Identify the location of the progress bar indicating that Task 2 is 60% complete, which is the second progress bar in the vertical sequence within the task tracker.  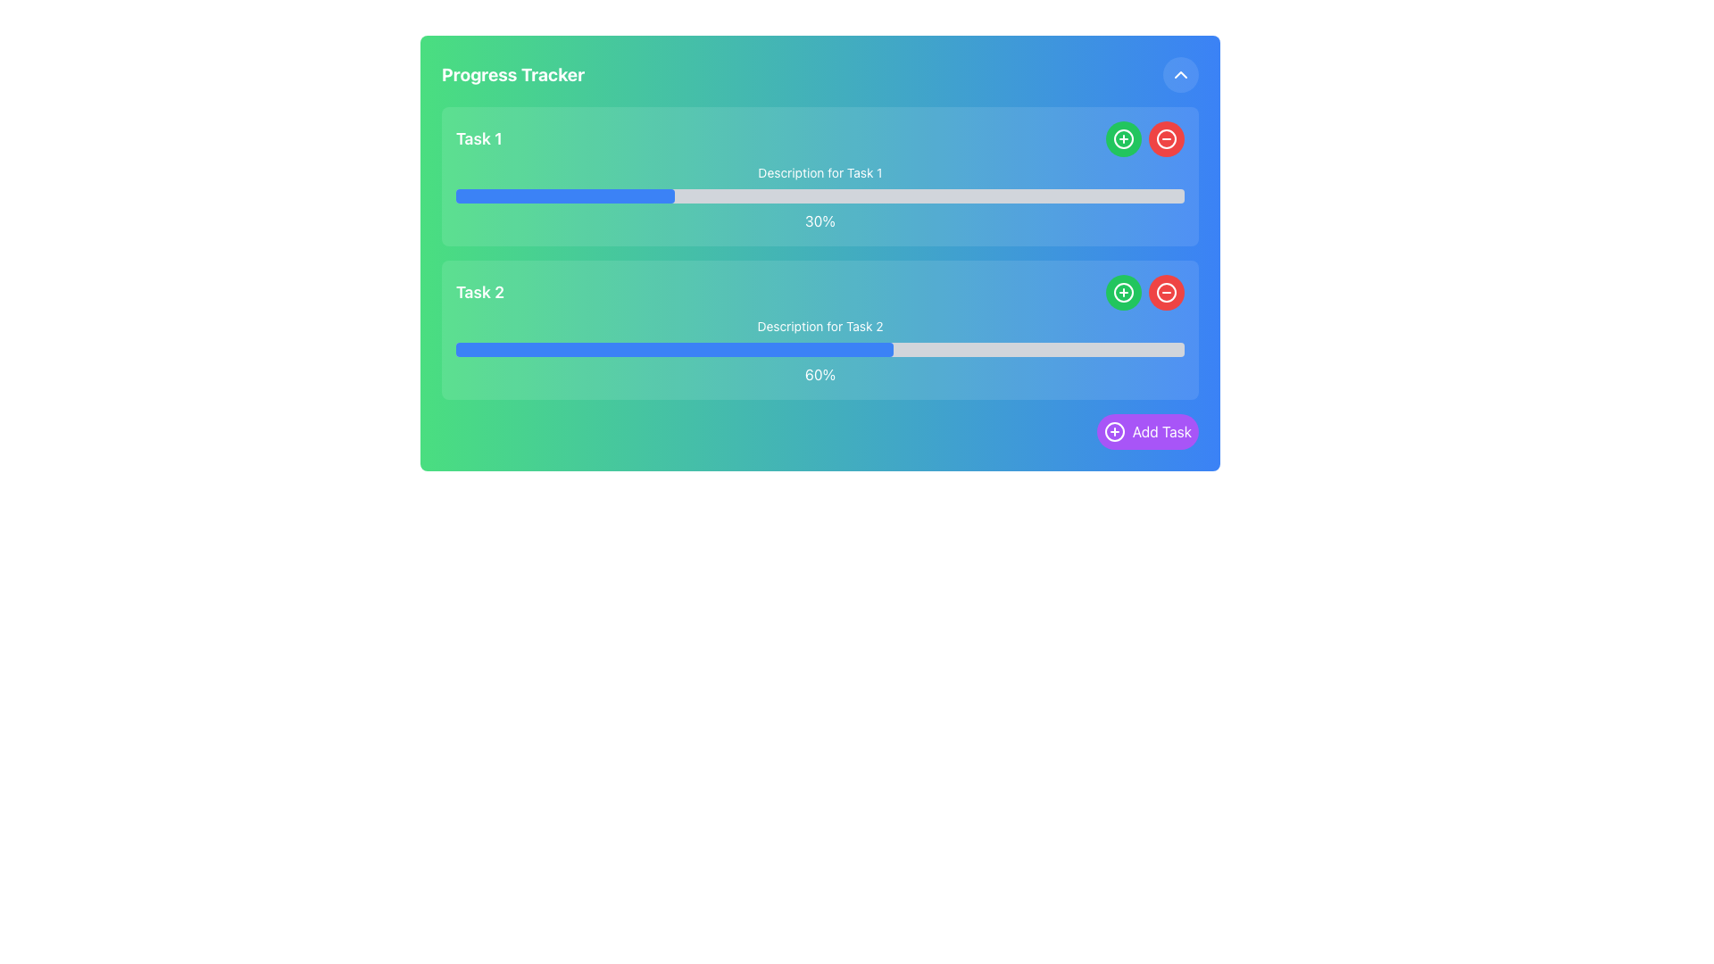
(819, 350).